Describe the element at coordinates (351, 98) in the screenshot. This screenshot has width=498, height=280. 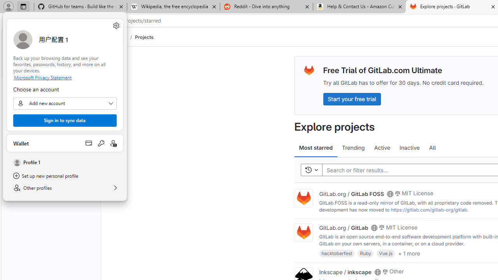
I see `'Start your free trial'` at that location.